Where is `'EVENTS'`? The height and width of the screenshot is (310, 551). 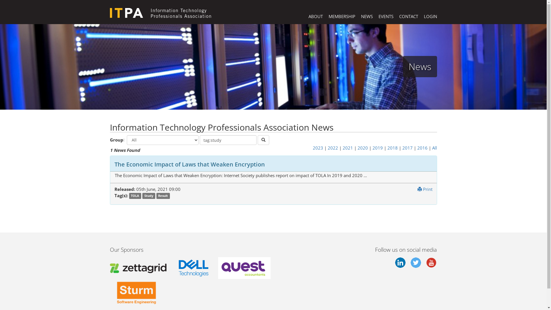
'EVENTS' is located at coordinates (386, 16).